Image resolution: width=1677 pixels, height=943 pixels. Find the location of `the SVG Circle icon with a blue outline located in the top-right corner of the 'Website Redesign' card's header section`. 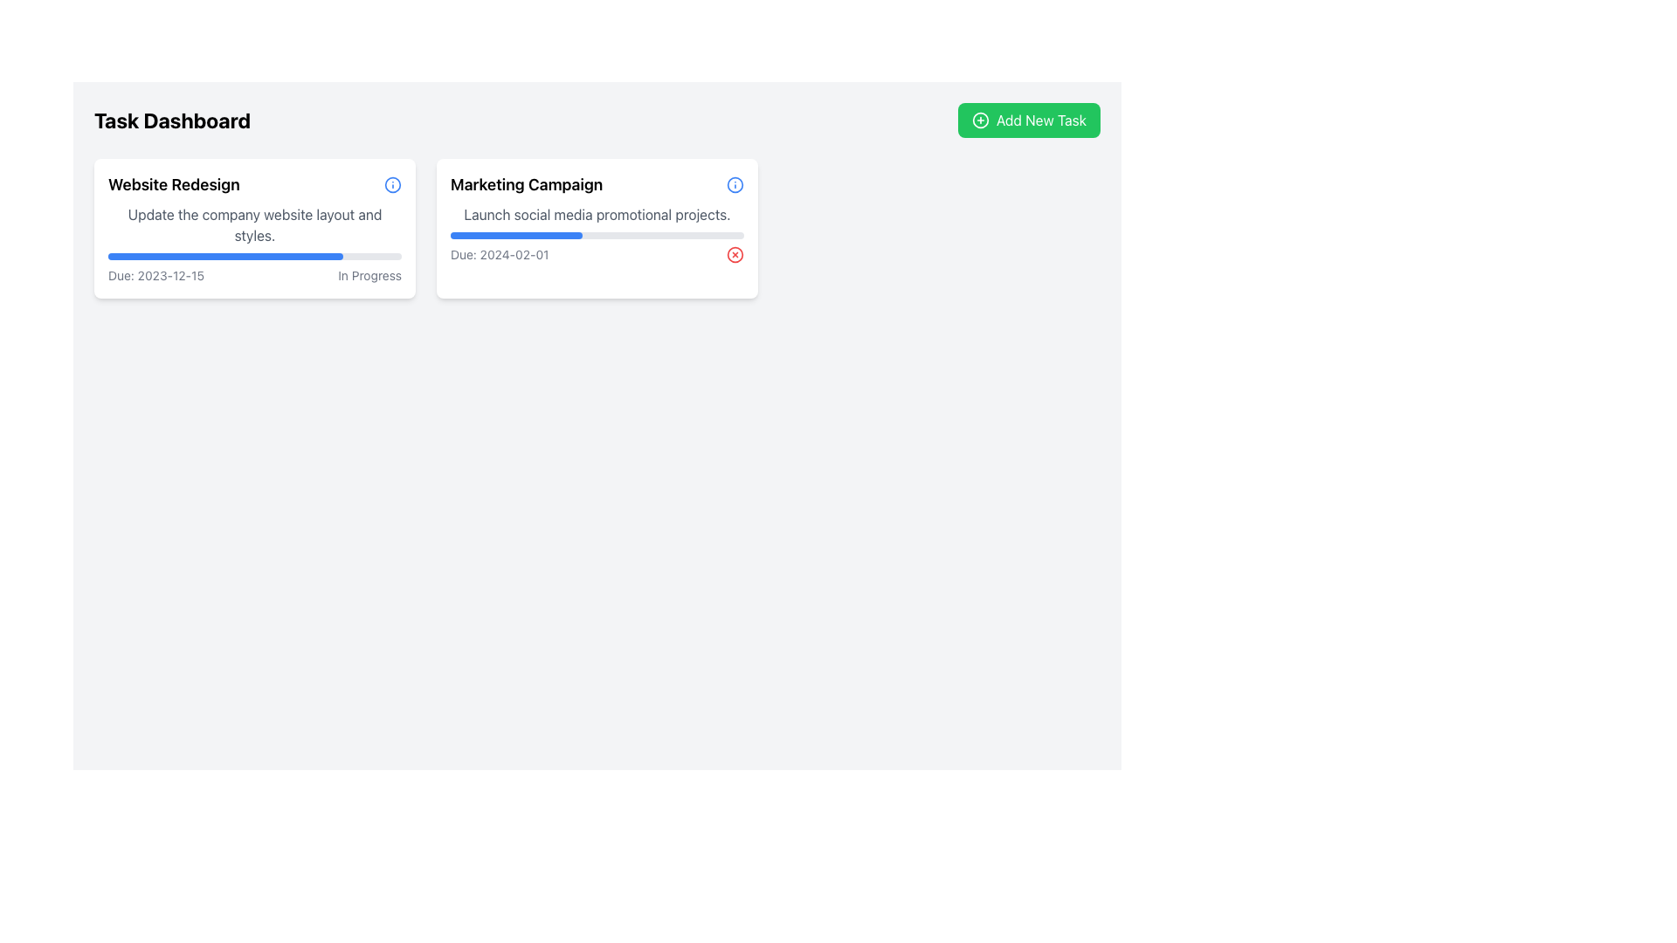

the SVG Circle icon with a blue outline located in the top-right corner of the 'Website Redesign' card's header section is located at coordinates (735, 185).